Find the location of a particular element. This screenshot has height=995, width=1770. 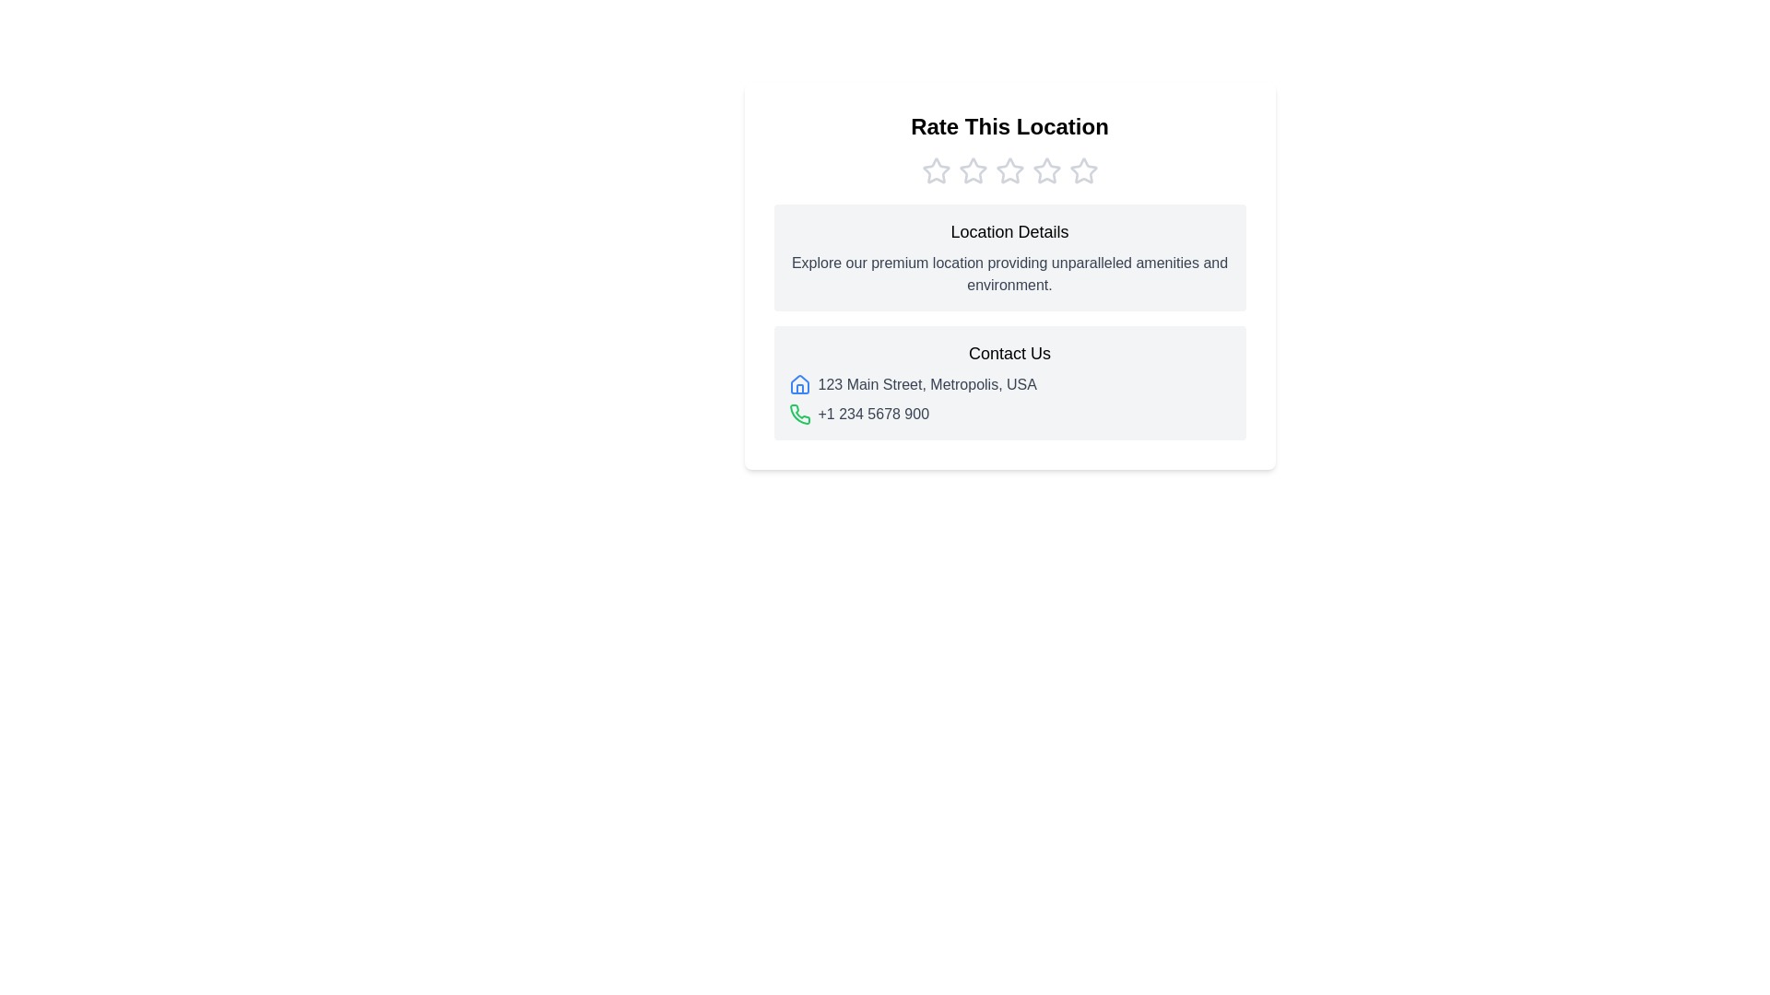

the second star is located at coordinates (972, 170).